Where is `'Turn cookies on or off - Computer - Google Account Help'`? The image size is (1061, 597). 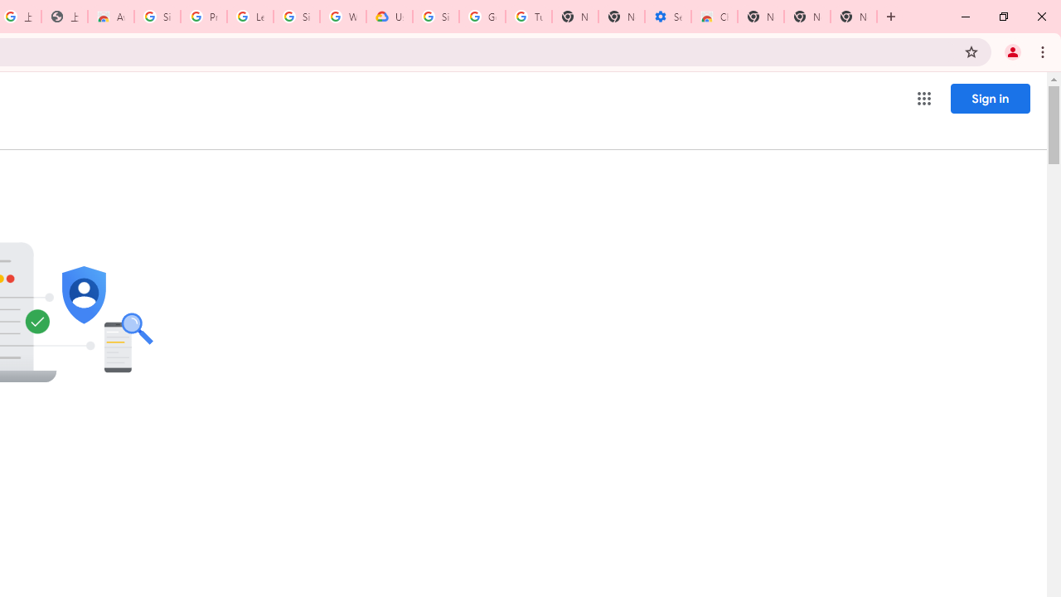
'Turn cookies on or off - Computer - Google Account Help' is located at coordinates (528, 17).